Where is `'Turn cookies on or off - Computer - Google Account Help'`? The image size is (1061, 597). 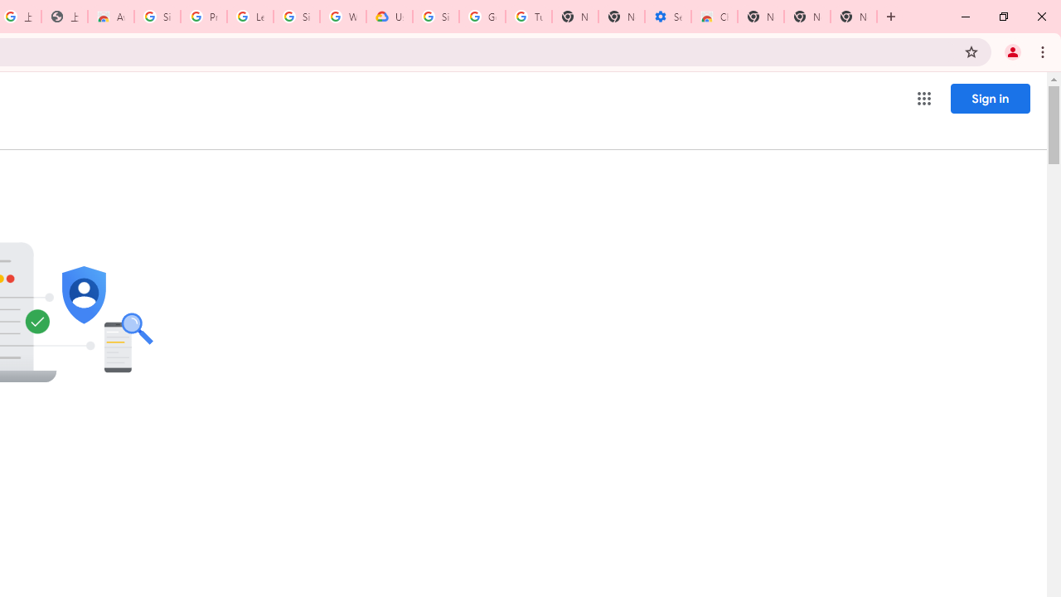
'Turn cookies on or off - Computer - Google Account Help' is located at coordinates (528, 17).